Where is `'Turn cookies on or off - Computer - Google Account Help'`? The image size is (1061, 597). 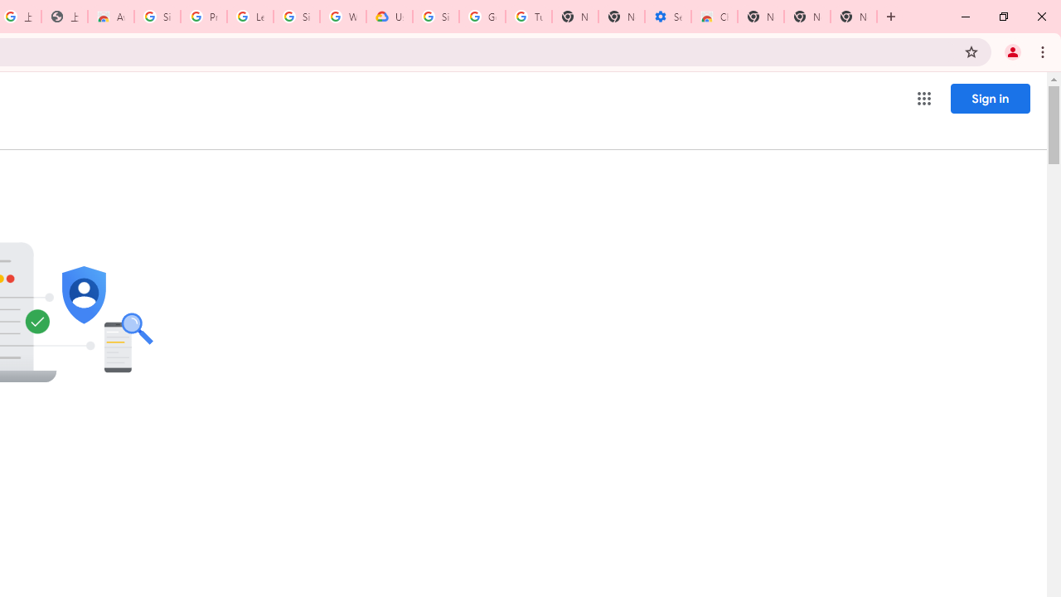
'Turn cookies on or off - Computer - Google Account Help' is located at coordinates (528, 17).